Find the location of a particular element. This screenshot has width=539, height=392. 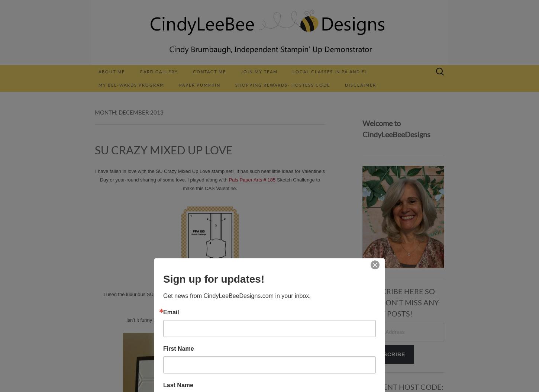

'I have fallen in love with the SU Crazy Mixed Up Love stamp set!  It has such neat little ideas for Valentine’s Day or year-round sharing of some love. I played along with' is located at coordinates (210, 175).